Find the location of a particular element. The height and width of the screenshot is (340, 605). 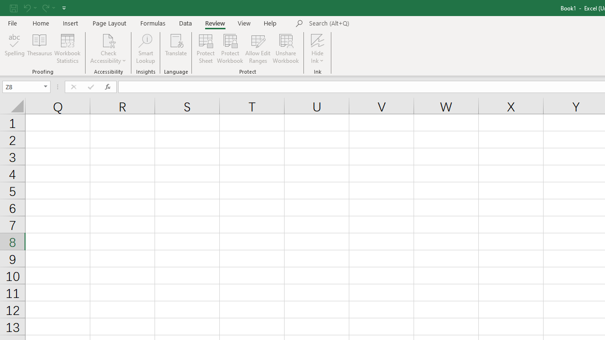

'Unshare Workbook' is located at coordinates (285, 49).